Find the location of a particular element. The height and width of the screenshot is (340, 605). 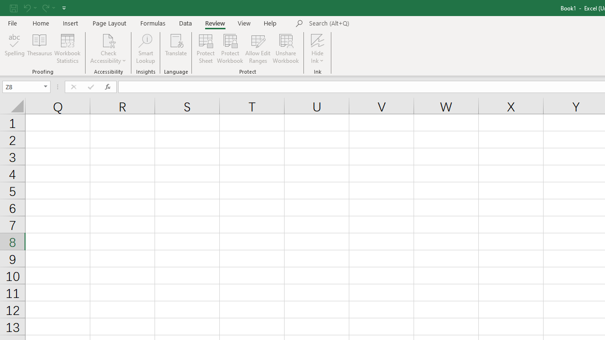

'Unshare Workbook' is located at coordinates (285, 49).